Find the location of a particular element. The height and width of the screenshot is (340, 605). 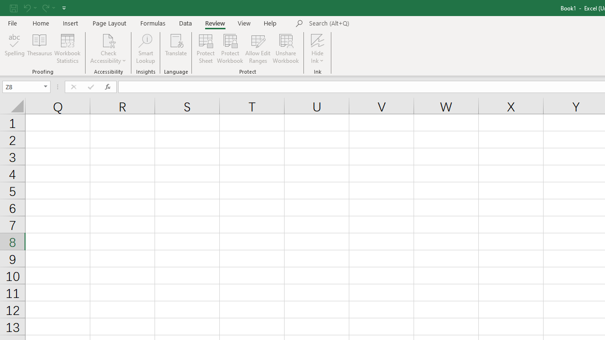

'Unshare Workbook' is located at coordinates (285, 49).